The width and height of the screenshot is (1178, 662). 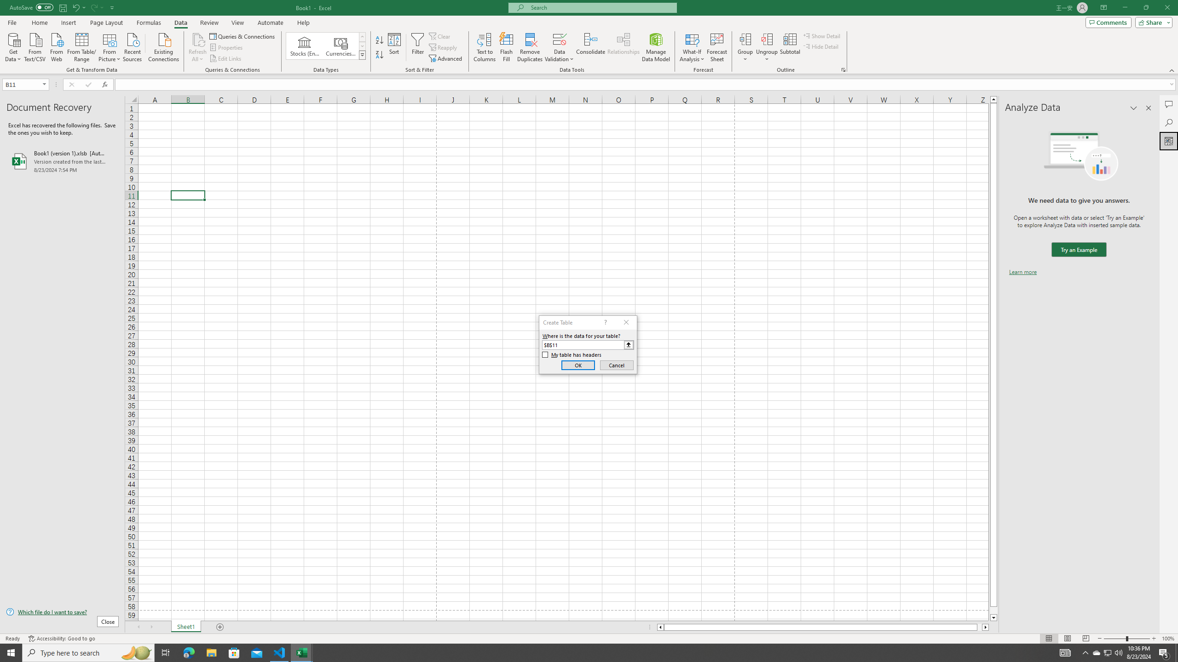 I want to click on 'Row up', so click(x=362, y=37).